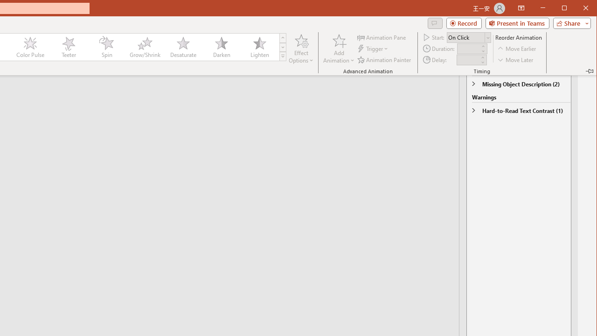  Describe the element at coordinates (521, 8) in the screenshot. I see `'Ribbon Display Options'` at that location.